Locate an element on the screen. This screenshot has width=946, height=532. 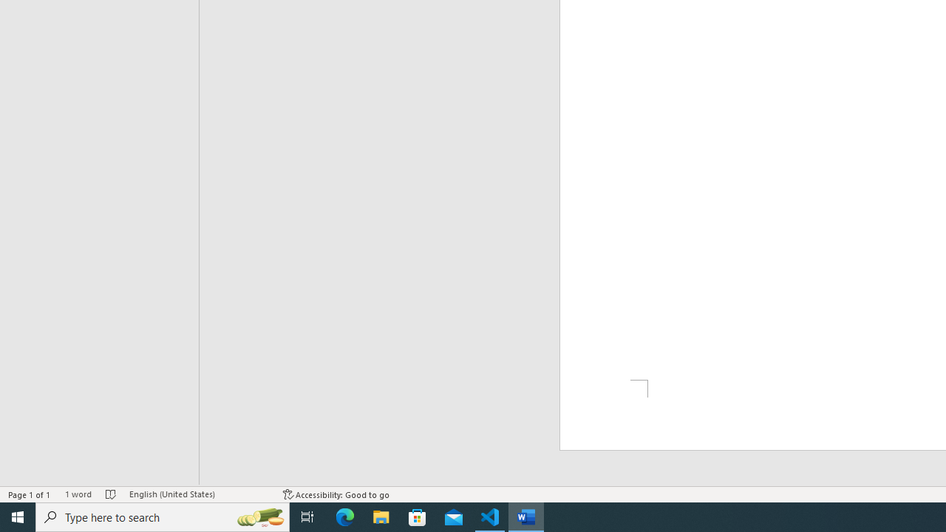
'Page Number Page 1 of 1' is located at coordinates (30, 494).